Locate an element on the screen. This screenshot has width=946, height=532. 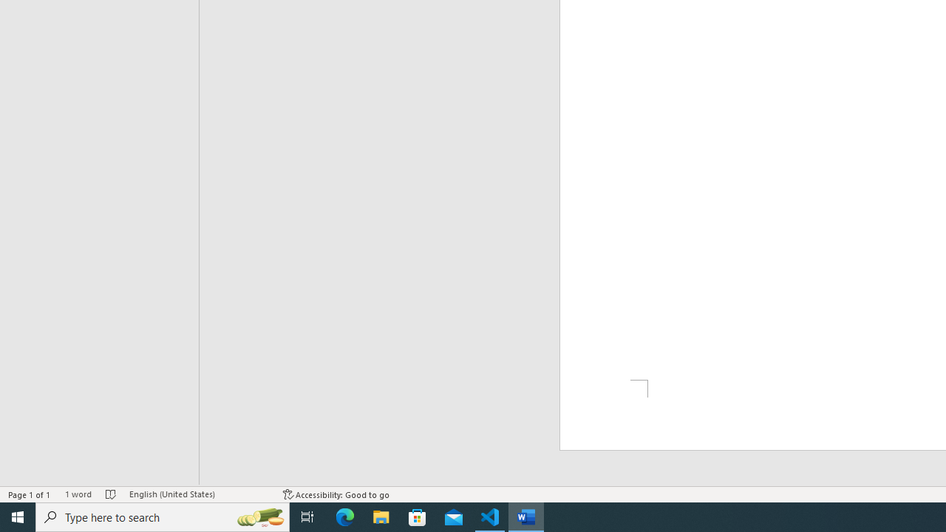
'Page Number Page 1 of 1' is located at coordinates (30, 494).